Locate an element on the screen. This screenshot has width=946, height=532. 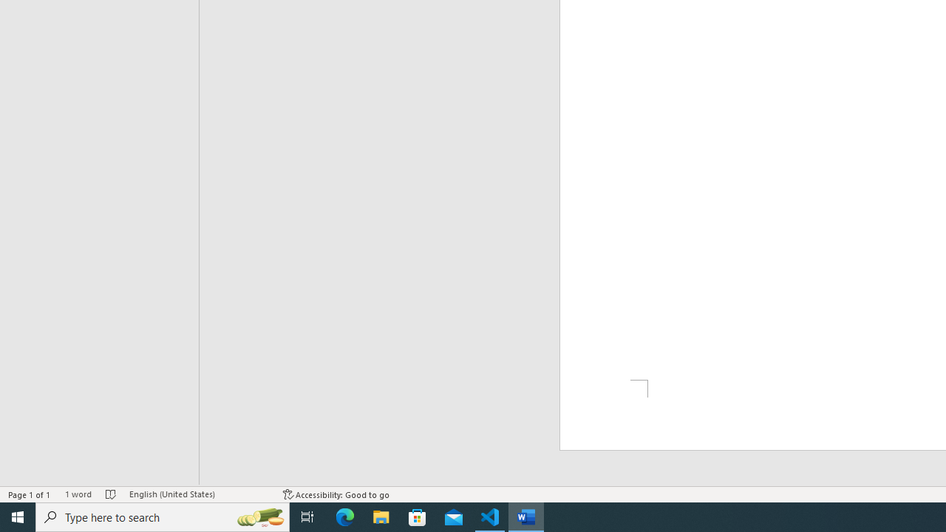
'Page Number Page 1 of 1' is located at coordinates (30, 494).